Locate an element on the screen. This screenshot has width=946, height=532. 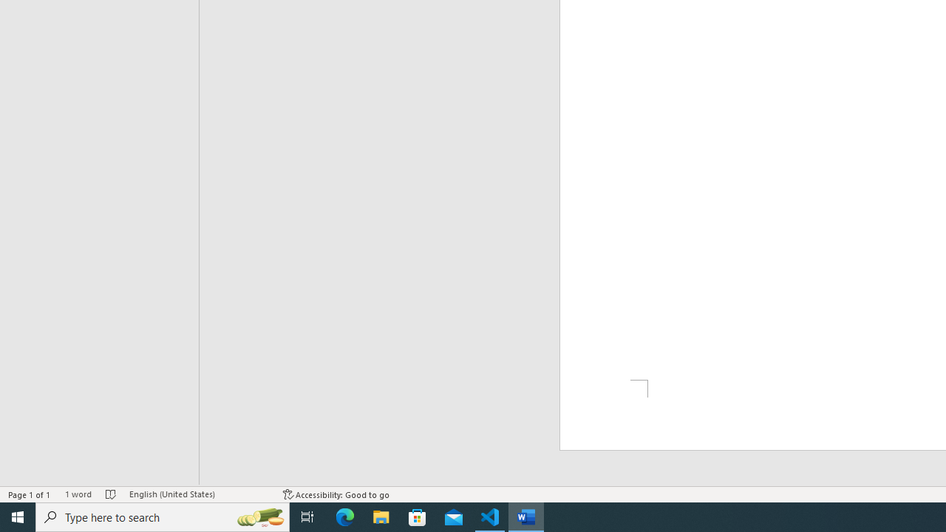
'Page Number Page 1 of 1' is located at coordinates (30, 494).